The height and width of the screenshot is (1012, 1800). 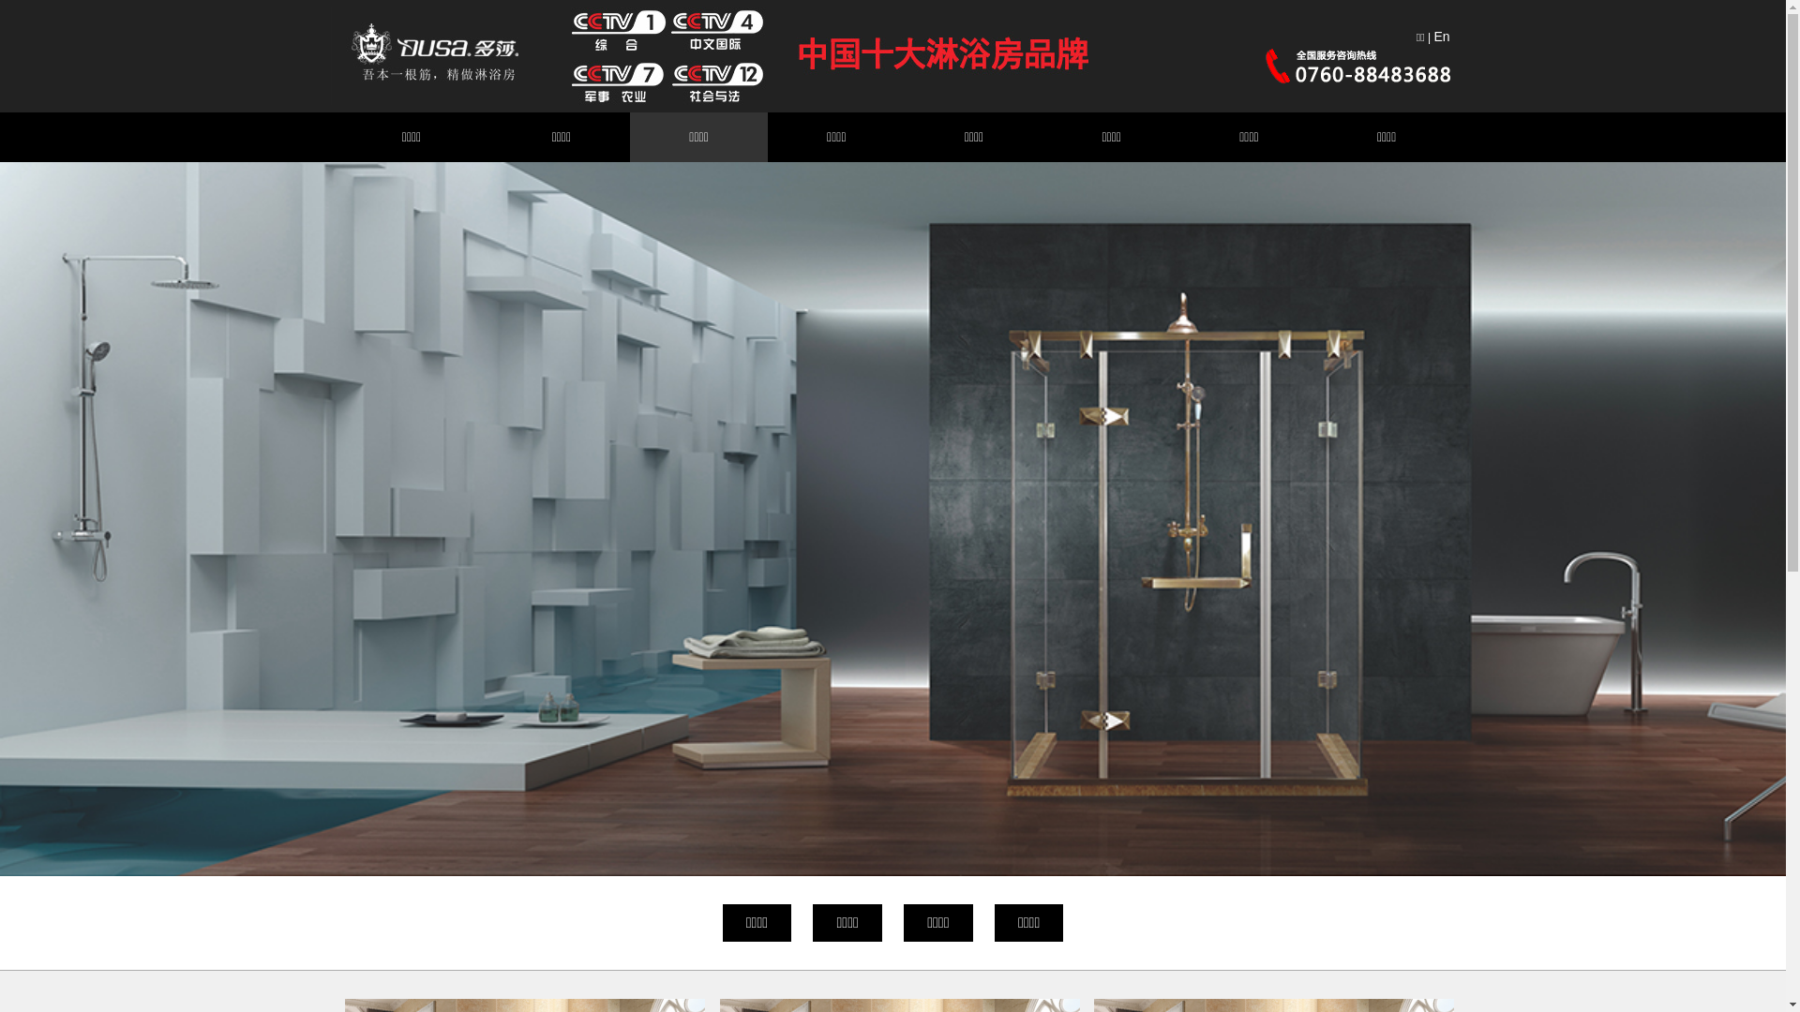 I want to click on 'En', so click(x=1440, y=36).